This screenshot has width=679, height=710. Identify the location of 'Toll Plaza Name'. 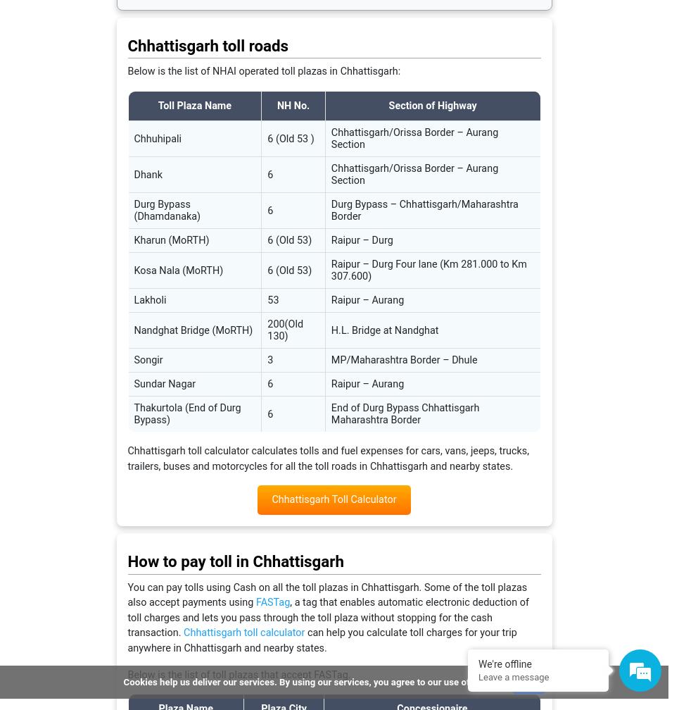
(194, 106).